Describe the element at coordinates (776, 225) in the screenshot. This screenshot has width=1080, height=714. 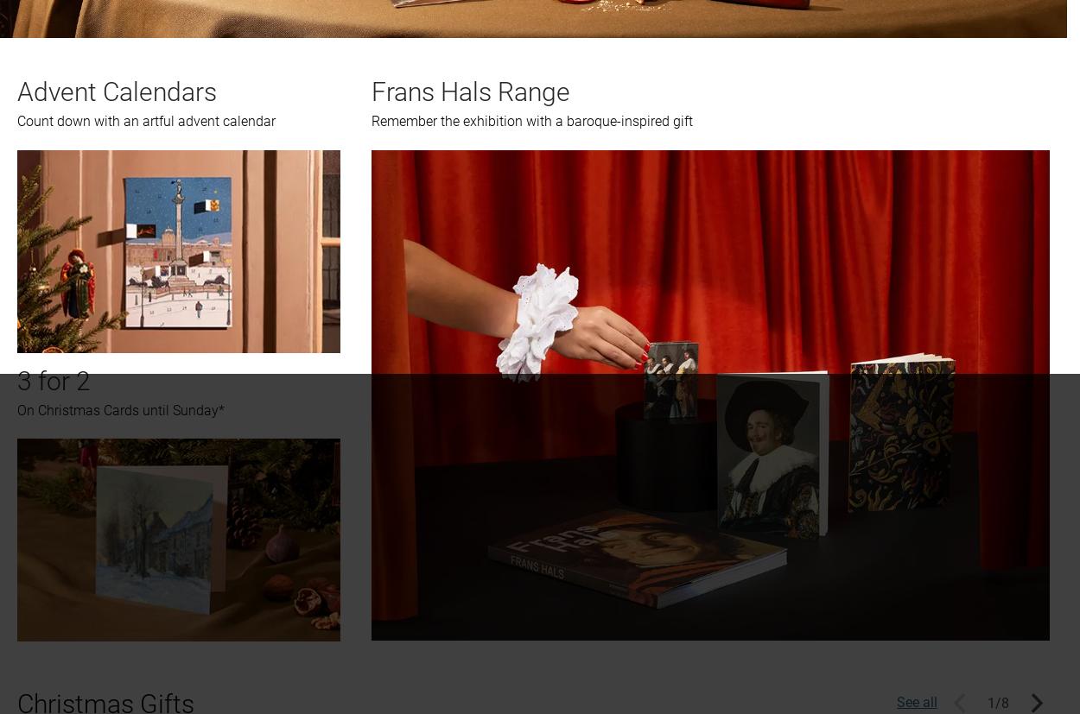
I see `'Accept all cookies'` at that location.